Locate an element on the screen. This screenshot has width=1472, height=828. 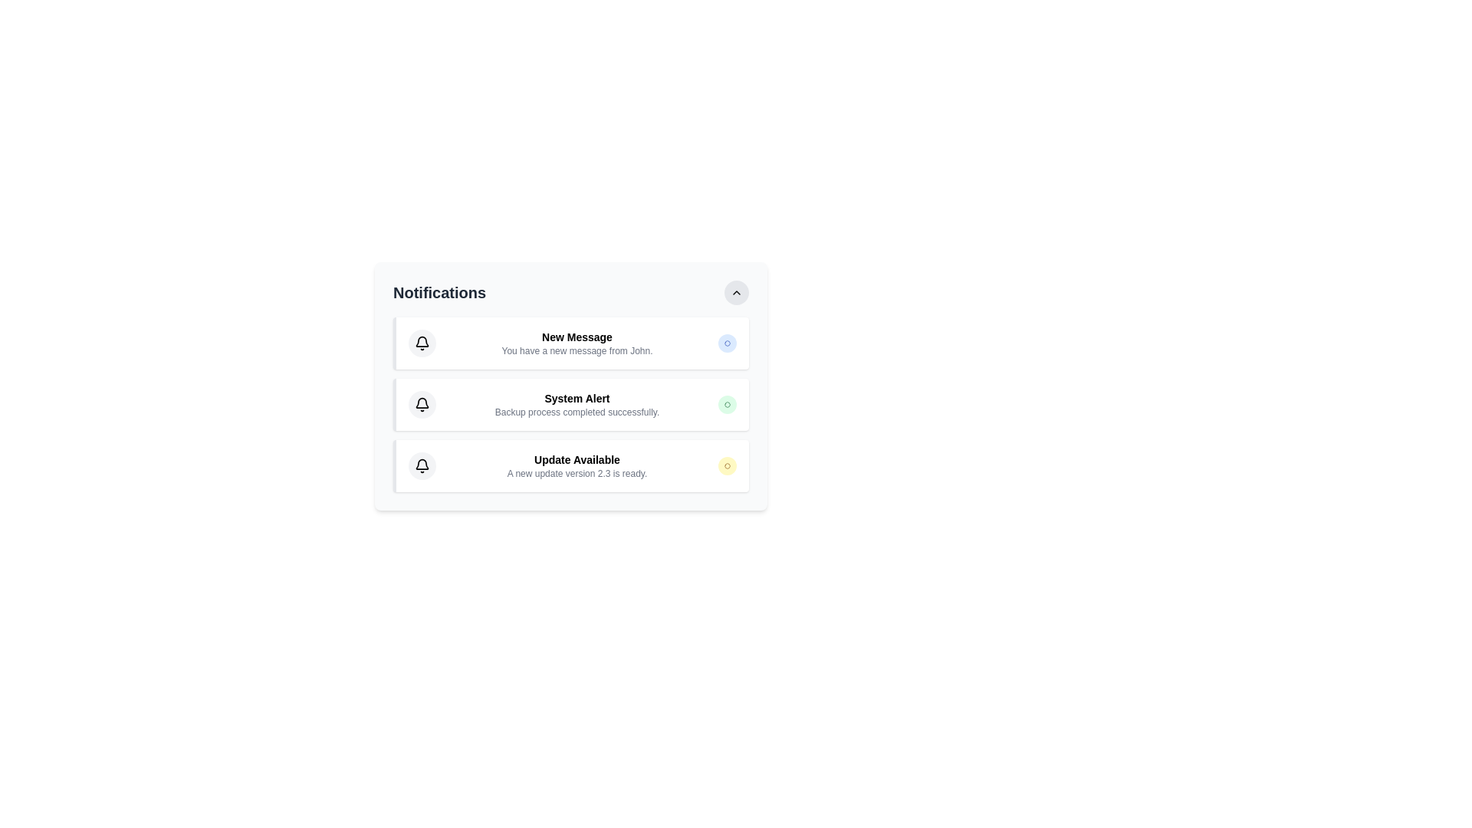
the bell icon representing notifications is located at coordinates (422, 404).